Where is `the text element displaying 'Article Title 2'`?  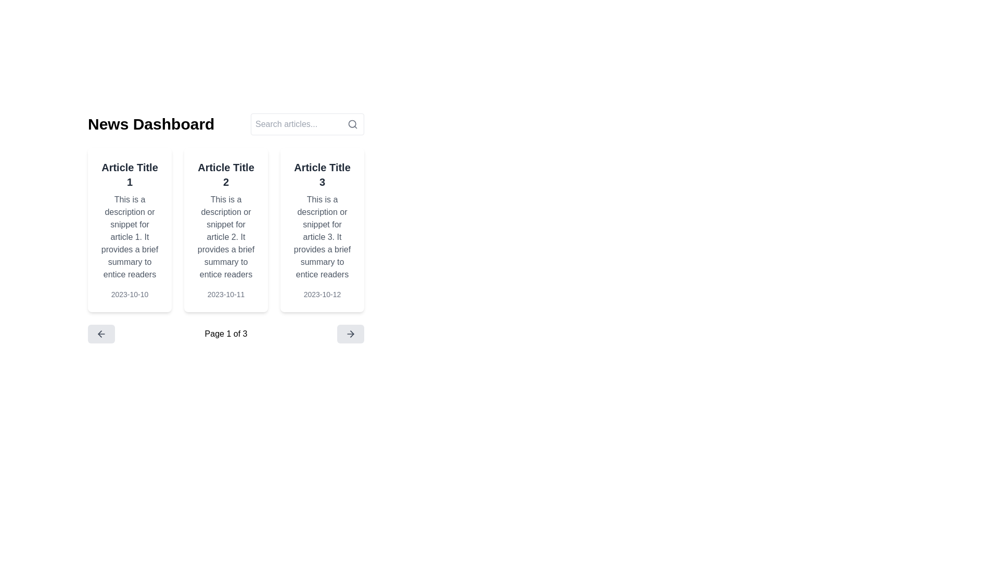
the text element displaying 'Article Title 2' is located at coordinates (225, 174).